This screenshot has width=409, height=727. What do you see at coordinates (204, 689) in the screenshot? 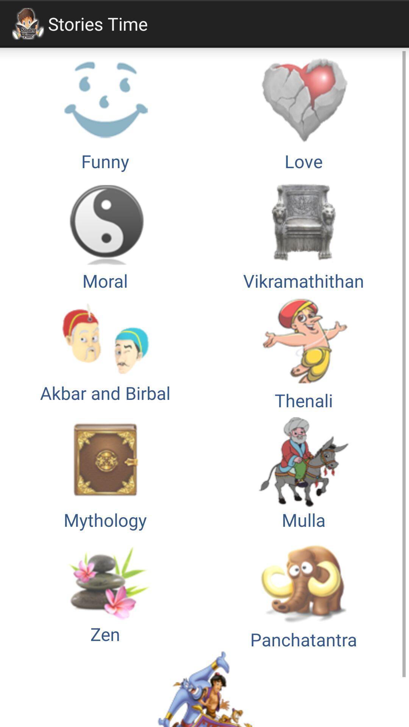
I see `the button at the bottom` at bounding box center [204, 689].